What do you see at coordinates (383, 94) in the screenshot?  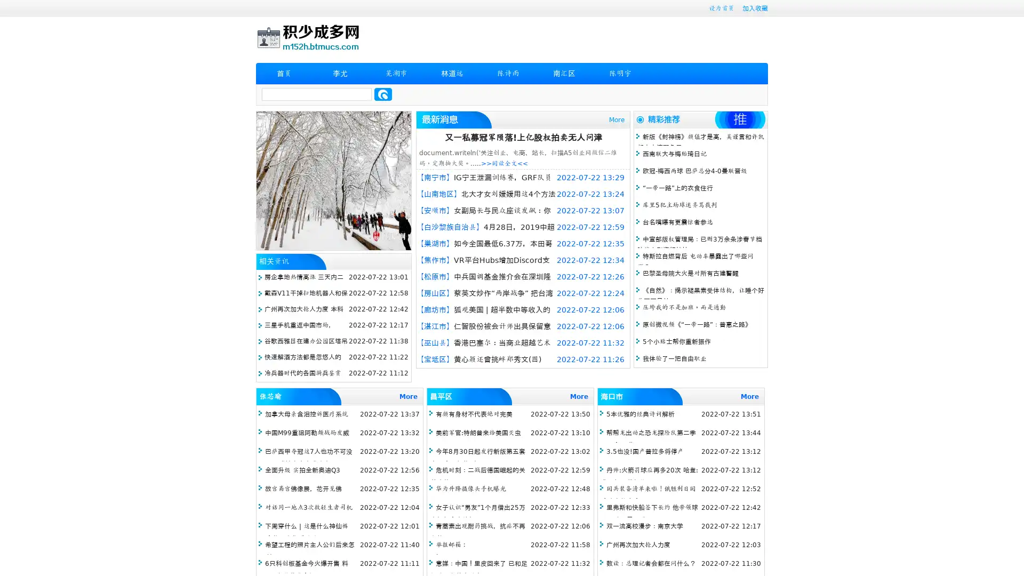 I see `Search` at bounding box center [383, 94].